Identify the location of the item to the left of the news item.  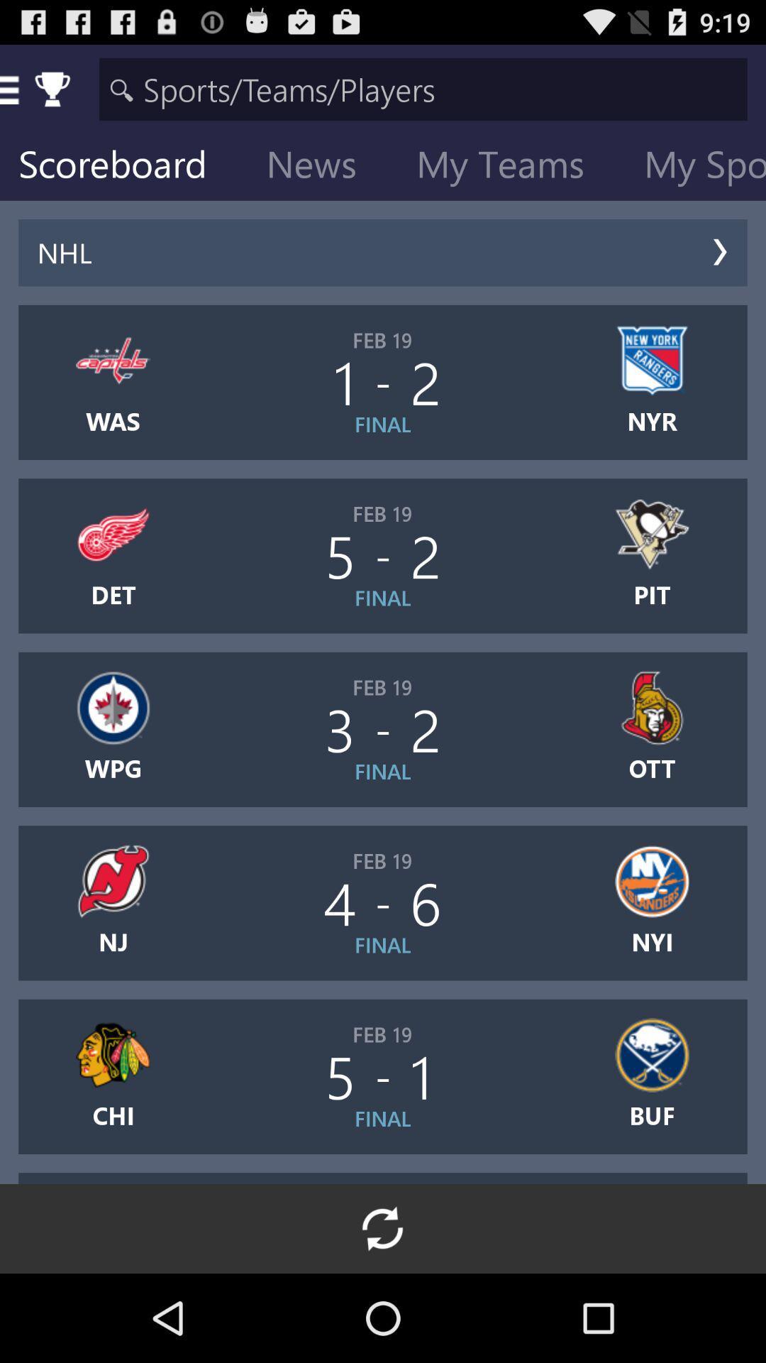
(123, 167).